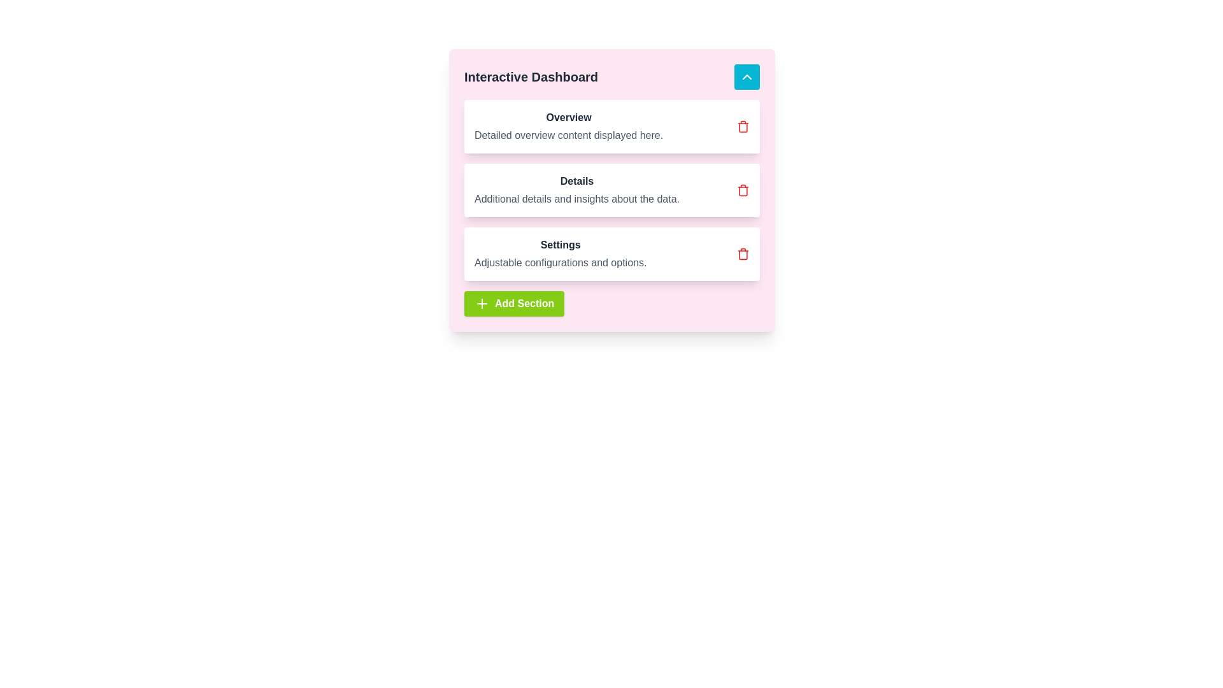 This screenshot has width=1223, height=688. I want to click on the text block stating 'Detailed overview content displayed here.' which is styled with a gray font and located below the header 'Overview' in a light card-like structure, so click(568, 135).